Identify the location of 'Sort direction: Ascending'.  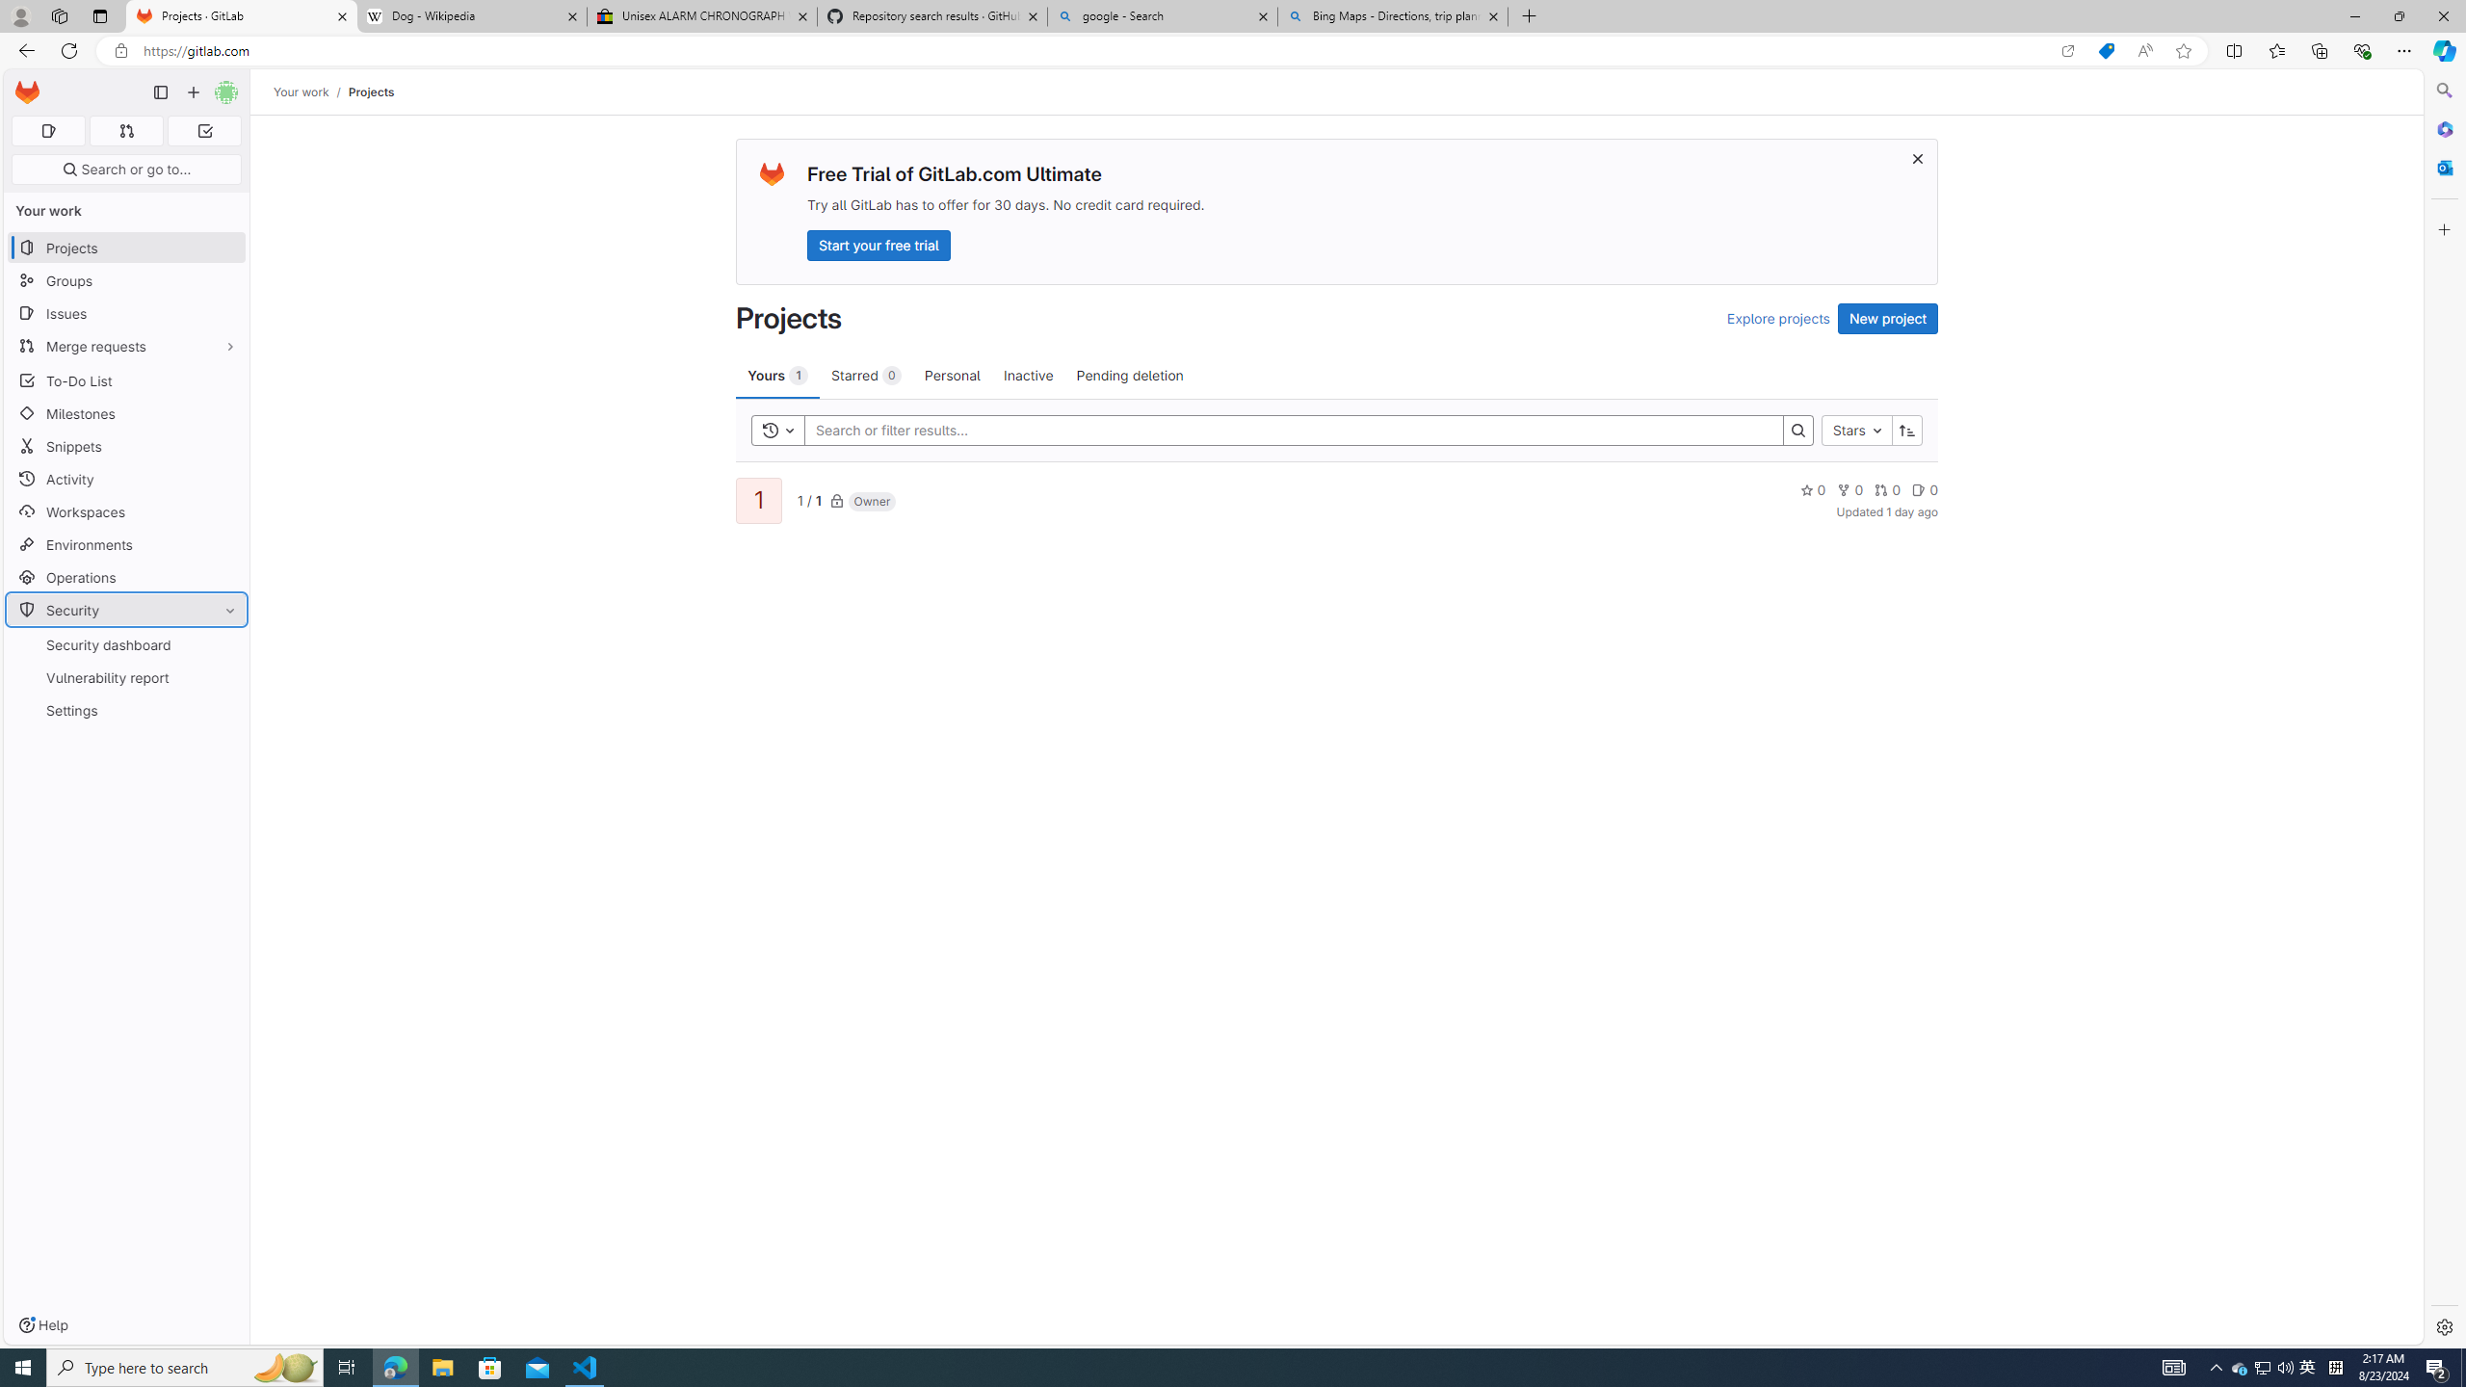
(1907, 431).